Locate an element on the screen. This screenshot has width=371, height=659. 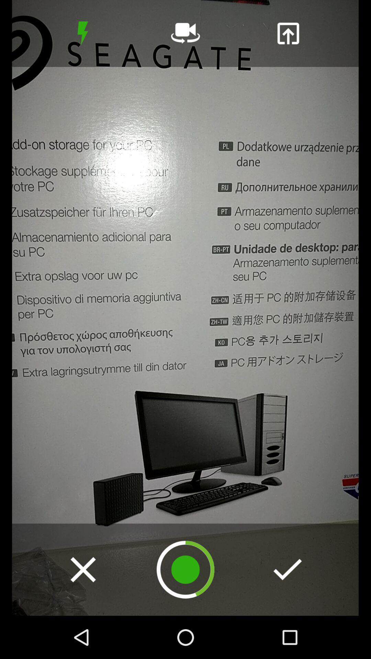
the close icon is located at coordinates (83, 569).